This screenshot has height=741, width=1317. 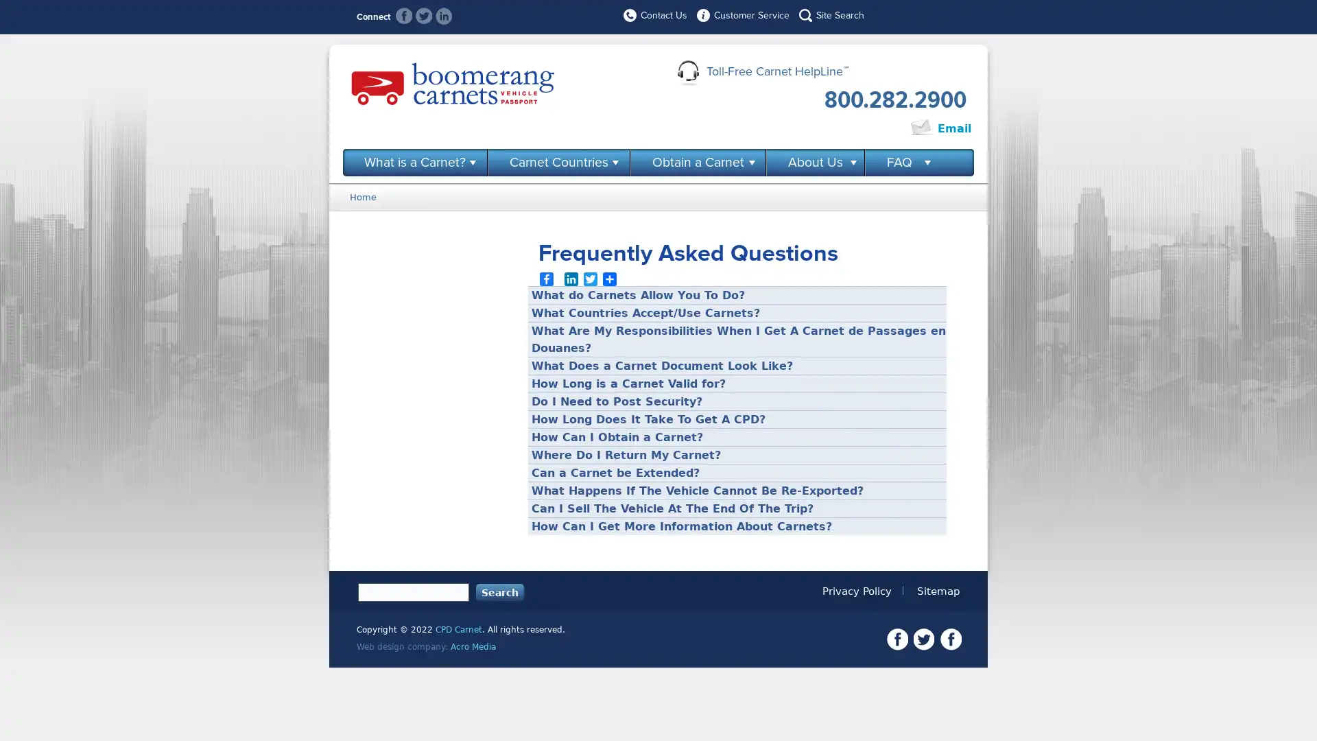 What do you see at coordinates (499, 591) in the screenshot?
I see `Search` at bounding box center [499, 591].